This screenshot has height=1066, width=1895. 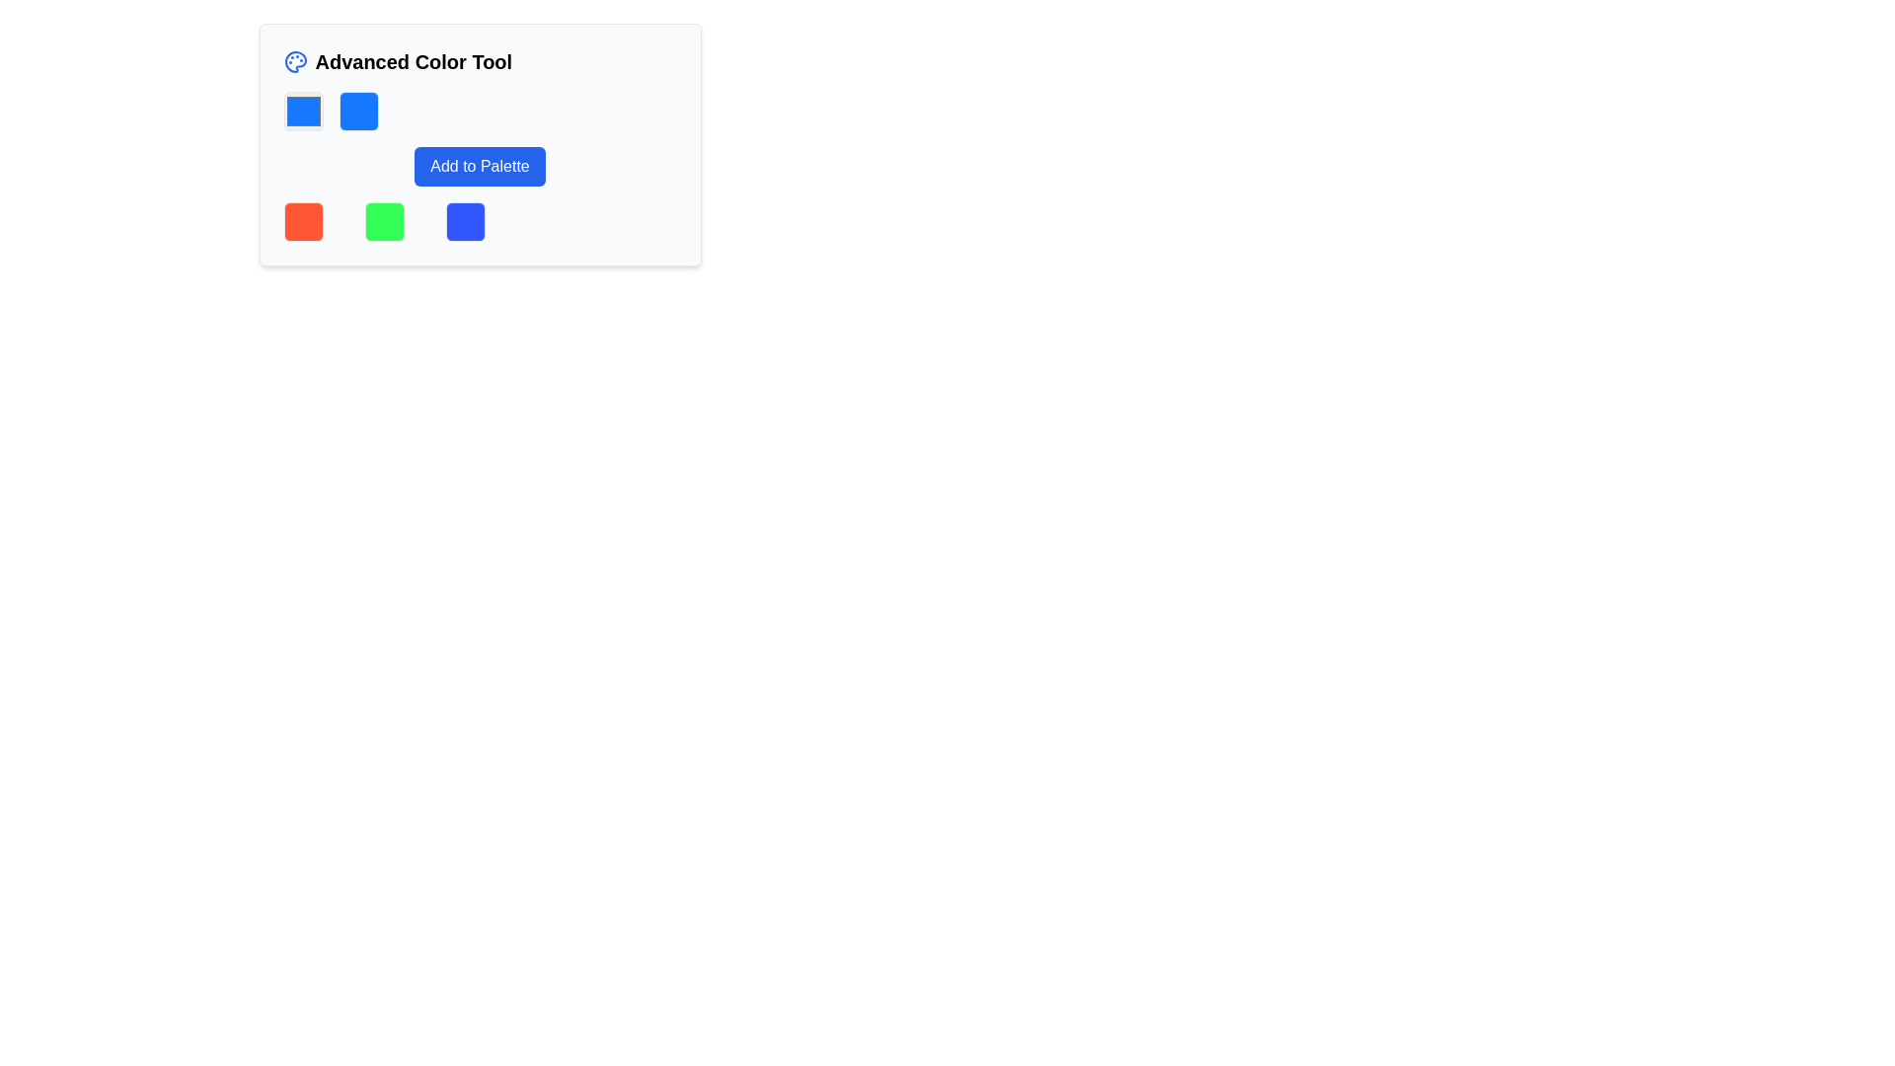 I want to click on the larger blue square in the Color Selector element for more detailed interaction or selection, so click(x=480, y=111).